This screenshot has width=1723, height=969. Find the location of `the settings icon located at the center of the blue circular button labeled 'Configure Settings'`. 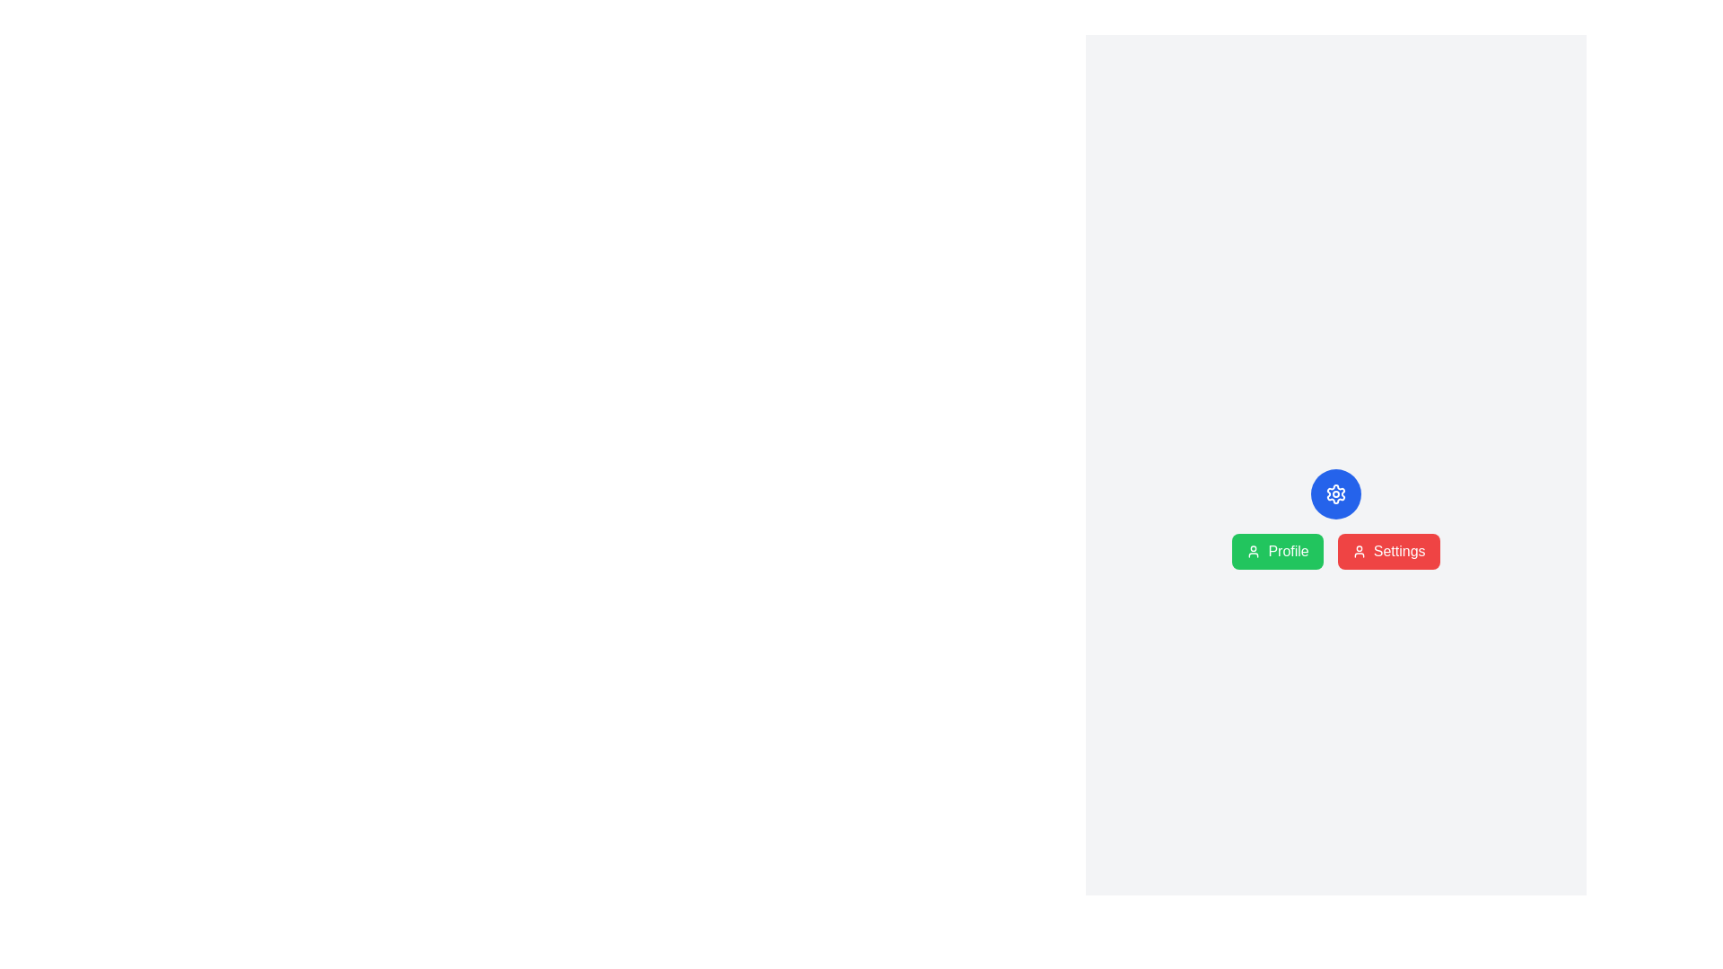

the settings icon located at the center of the blue circular button labeled 'Configure Settings' is located at coordinates (1335, 494).